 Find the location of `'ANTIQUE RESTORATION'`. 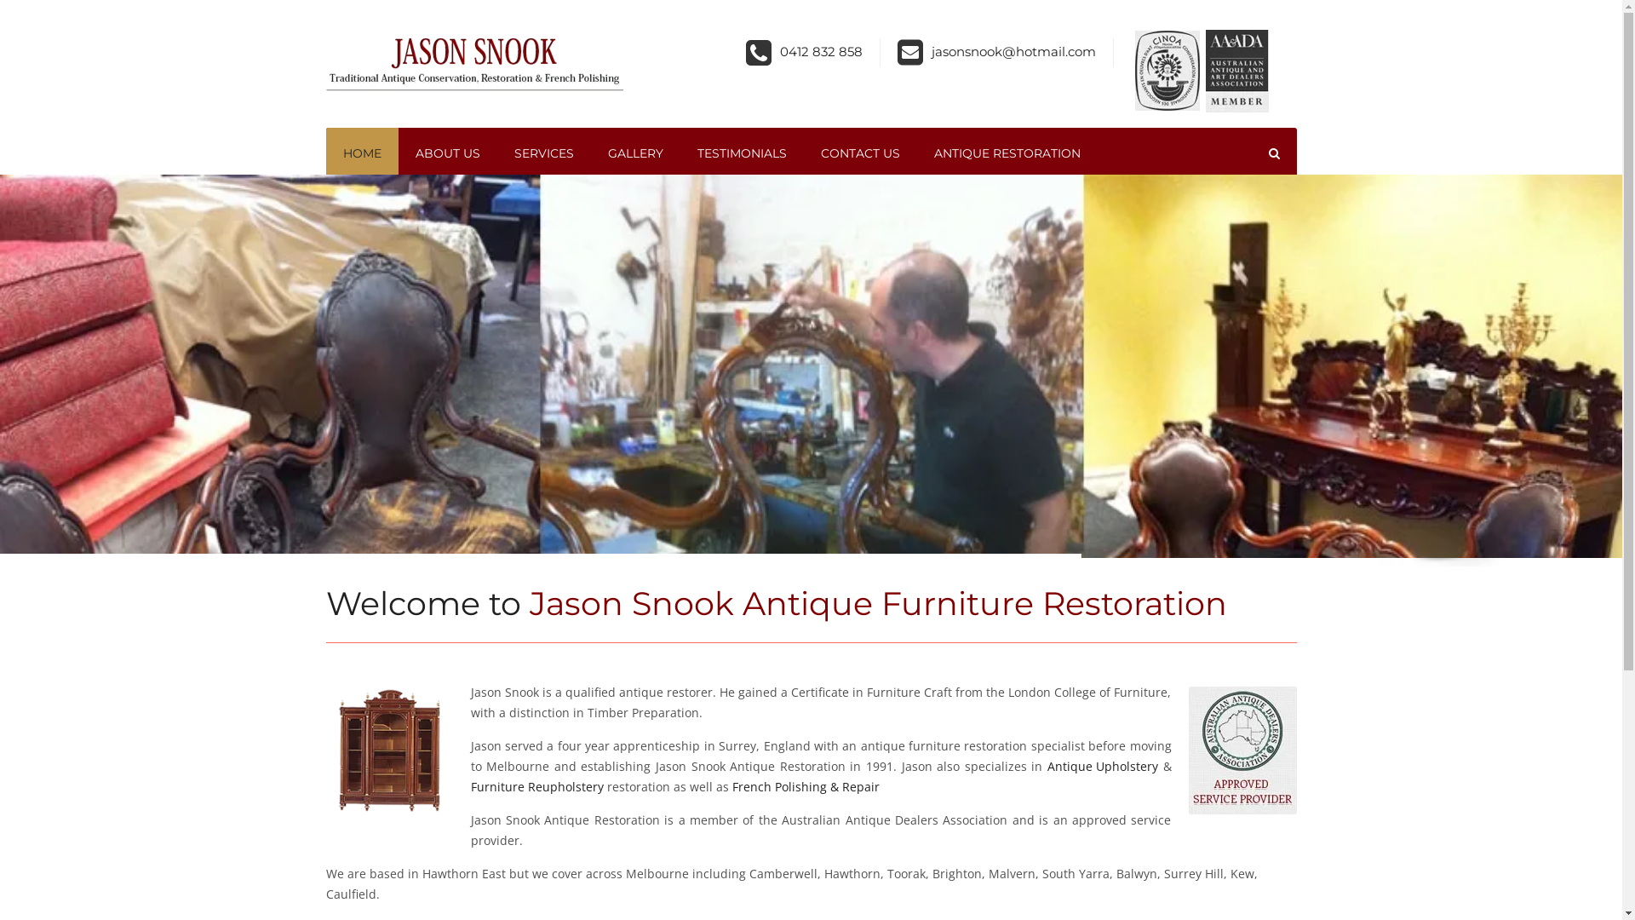

'ANTIQUE RESTORATION' is located at coordinates (1006, 153).